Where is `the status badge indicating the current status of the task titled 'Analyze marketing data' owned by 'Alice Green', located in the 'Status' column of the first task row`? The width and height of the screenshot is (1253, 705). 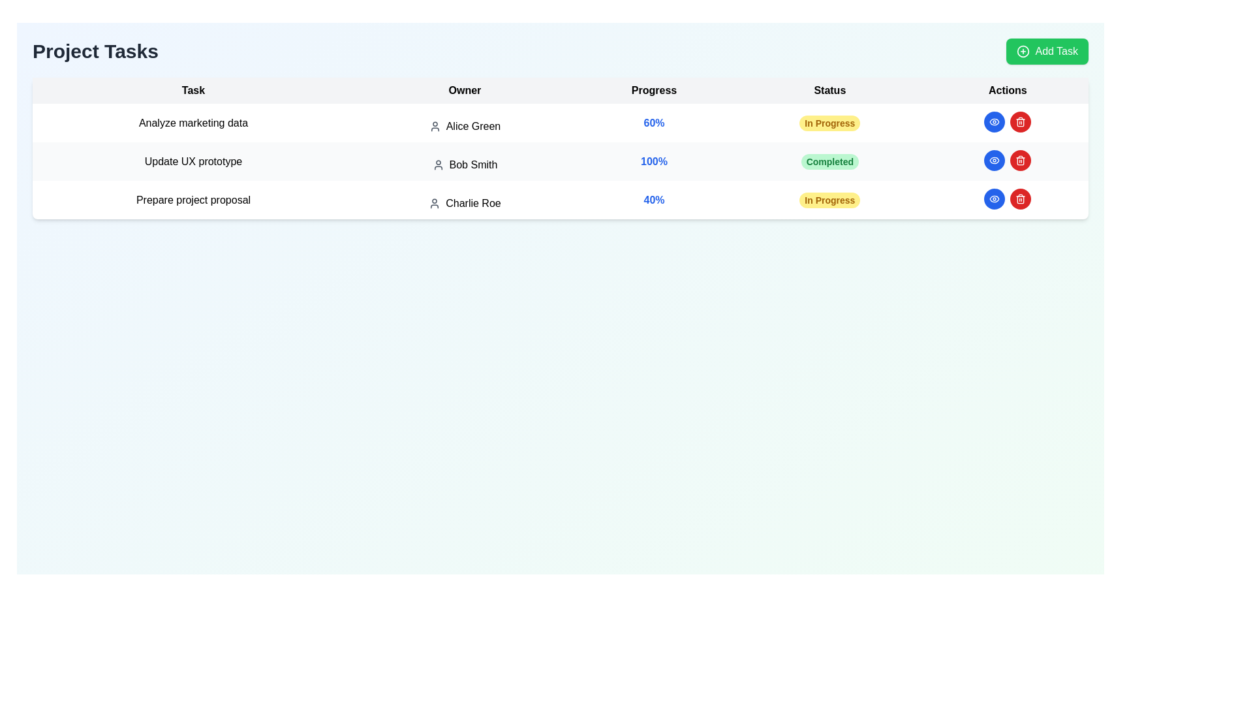 the status badge indicating the current status of the task titled 'Analyze marketing data' owned by 'Alice Green', located in the 'Status' column of the first task row is located at coordinates (829, 123).